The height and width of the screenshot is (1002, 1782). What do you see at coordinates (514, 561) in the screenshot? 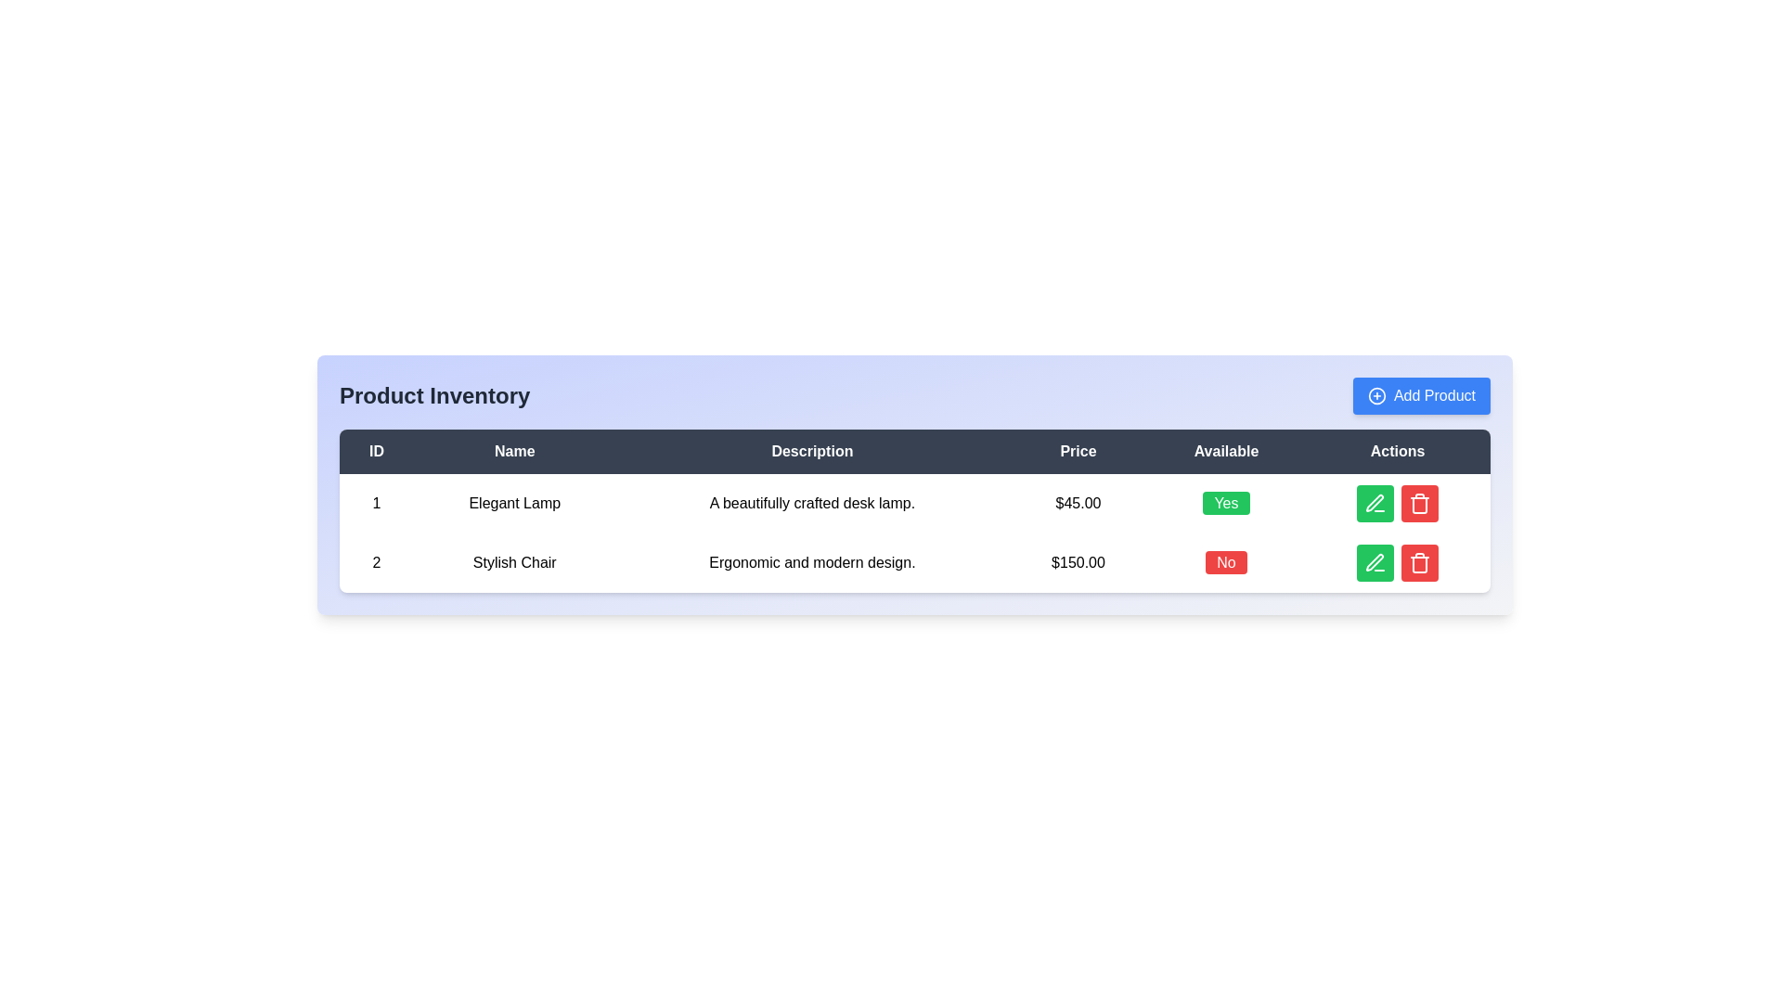
I see `the text element displaying 'Stylish Chair' in a black font, located in the second row of the table under the 'Name' column` at bounding box center [514, 561].